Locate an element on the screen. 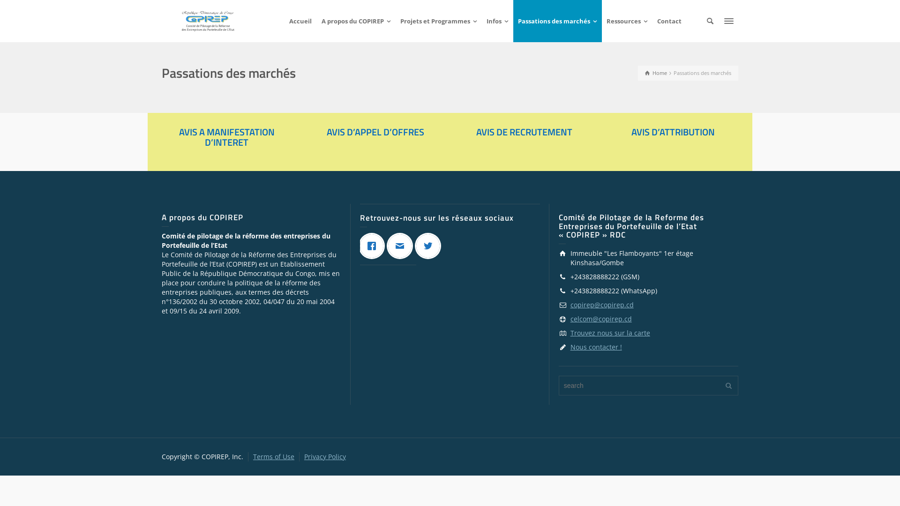  'Projets et Programmes' is located at coordinates (438, 21).